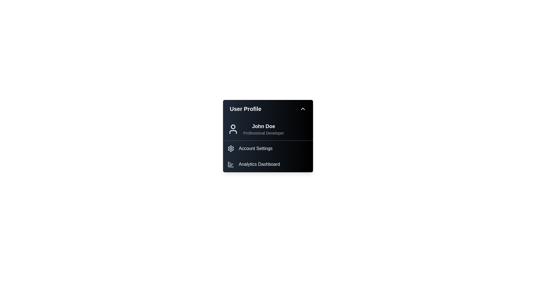 The image size is (540, 304). What do you see at coordinates (268, 109) in the screenshot?
I see `the 'User Profile' button to toggle the menu visibility` at bounding box center [268, 109].